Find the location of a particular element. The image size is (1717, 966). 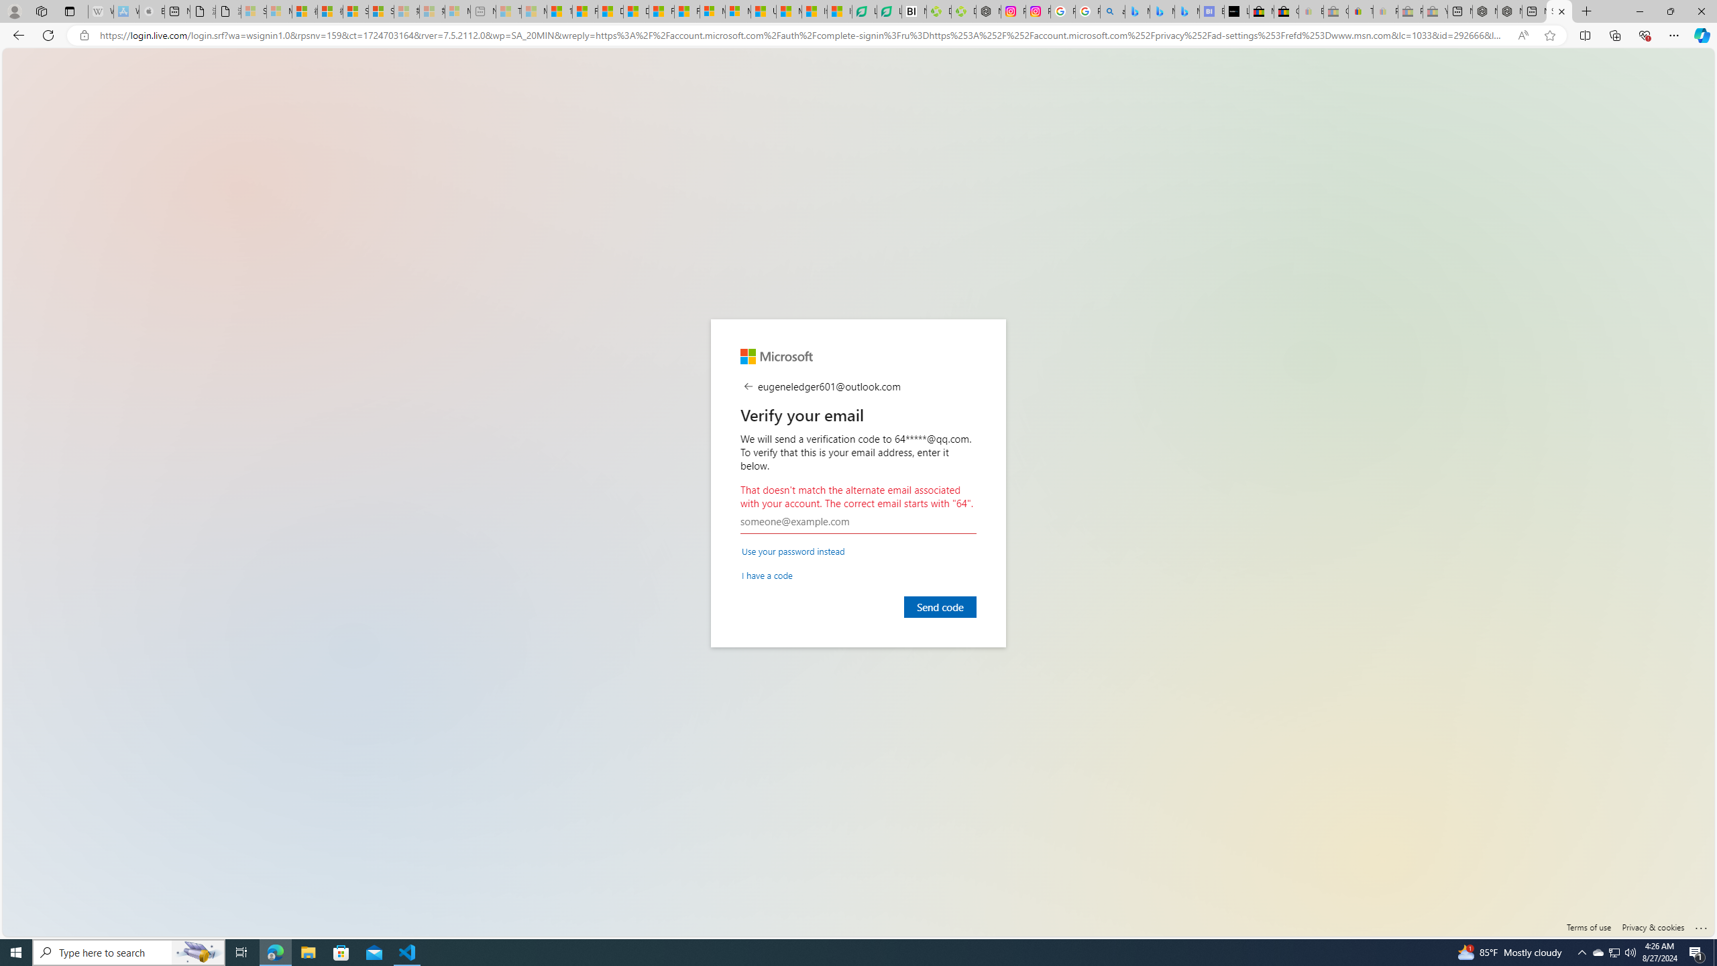

'Press Room - eBay Inc. - Sleeping' is located at coordinates (1410, 11).